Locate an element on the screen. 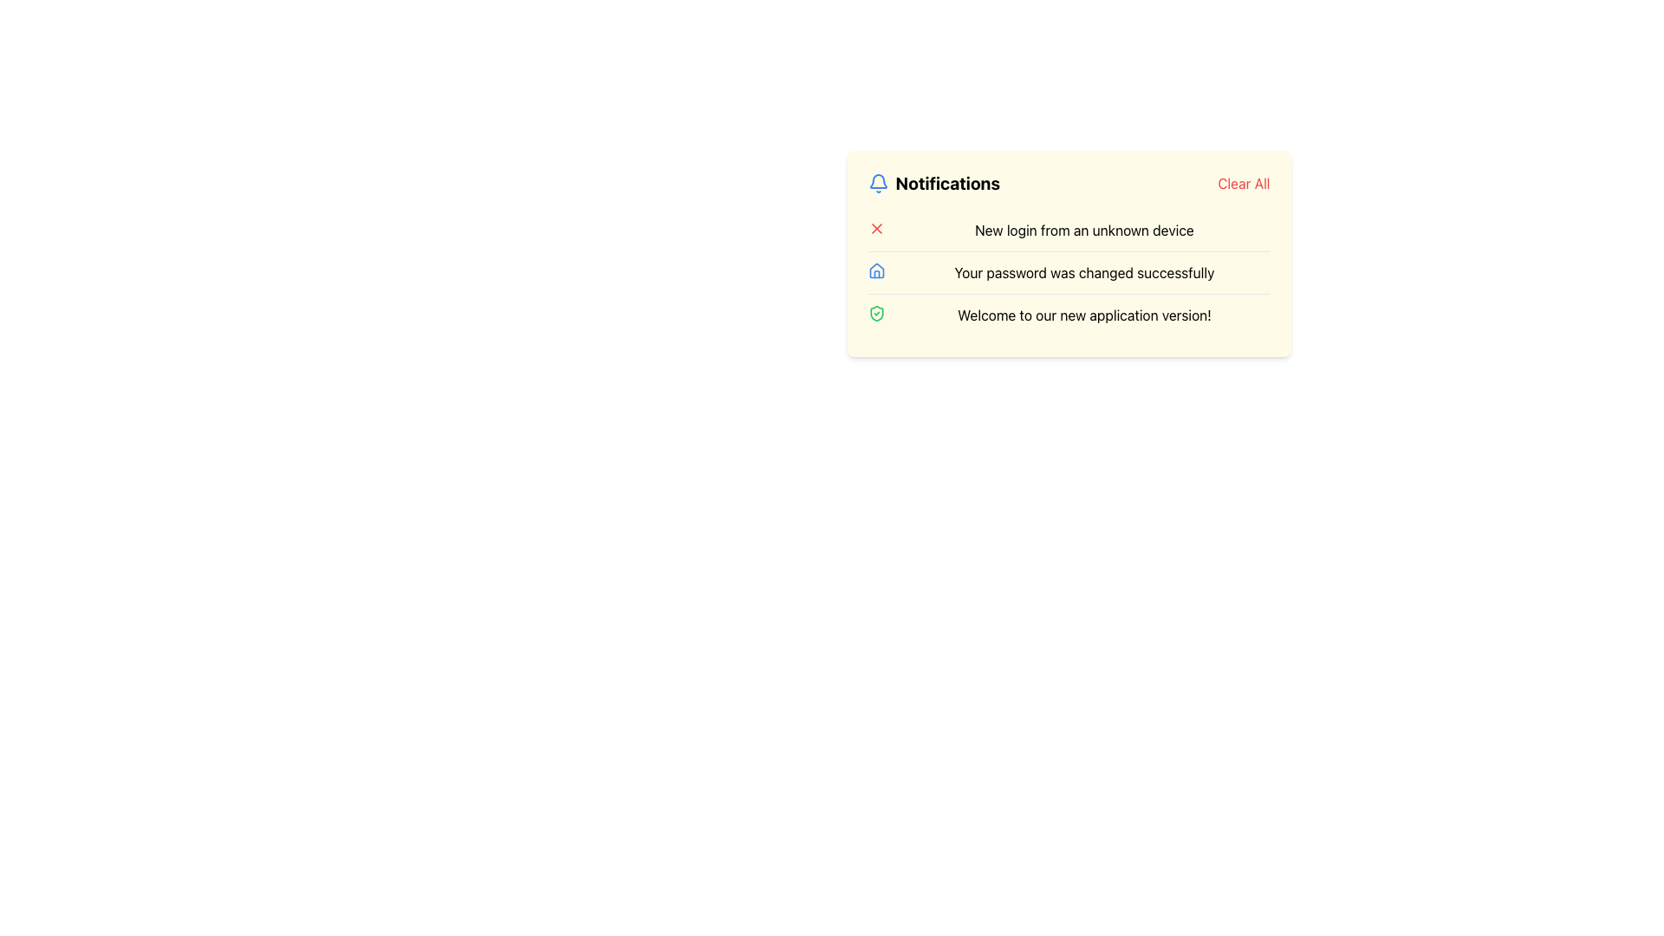 The image size is (1664, 936). the second notification item in the notification panel that informs the user their password was successfully changed is located at coordinates (1068, 272).